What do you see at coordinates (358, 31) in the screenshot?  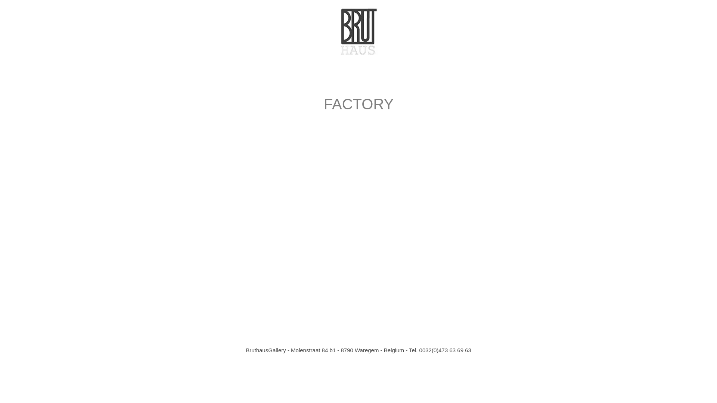 I see `'Bruthaus logo'` at bounding box center [358, 31].